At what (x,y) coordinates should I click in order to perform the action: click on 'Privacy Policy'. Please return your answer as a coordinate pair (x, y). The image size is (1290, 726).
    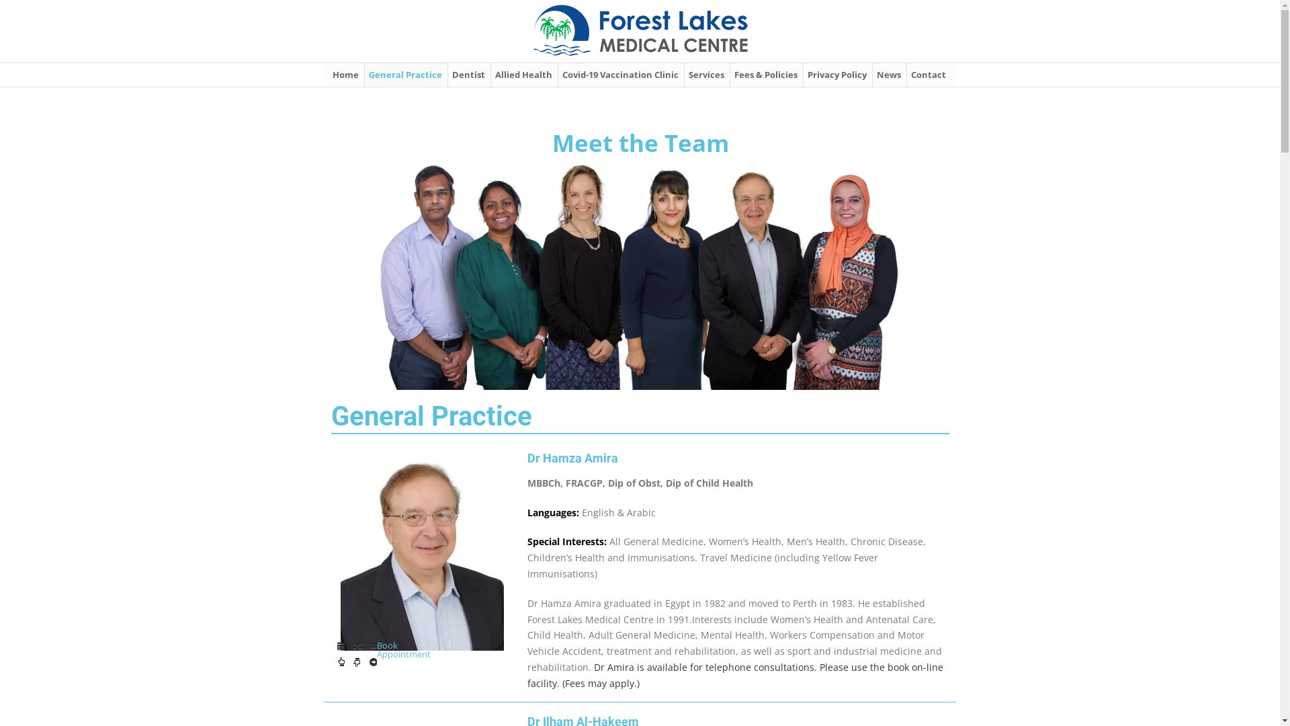
    Looking at the image, I should click on (835, 75).